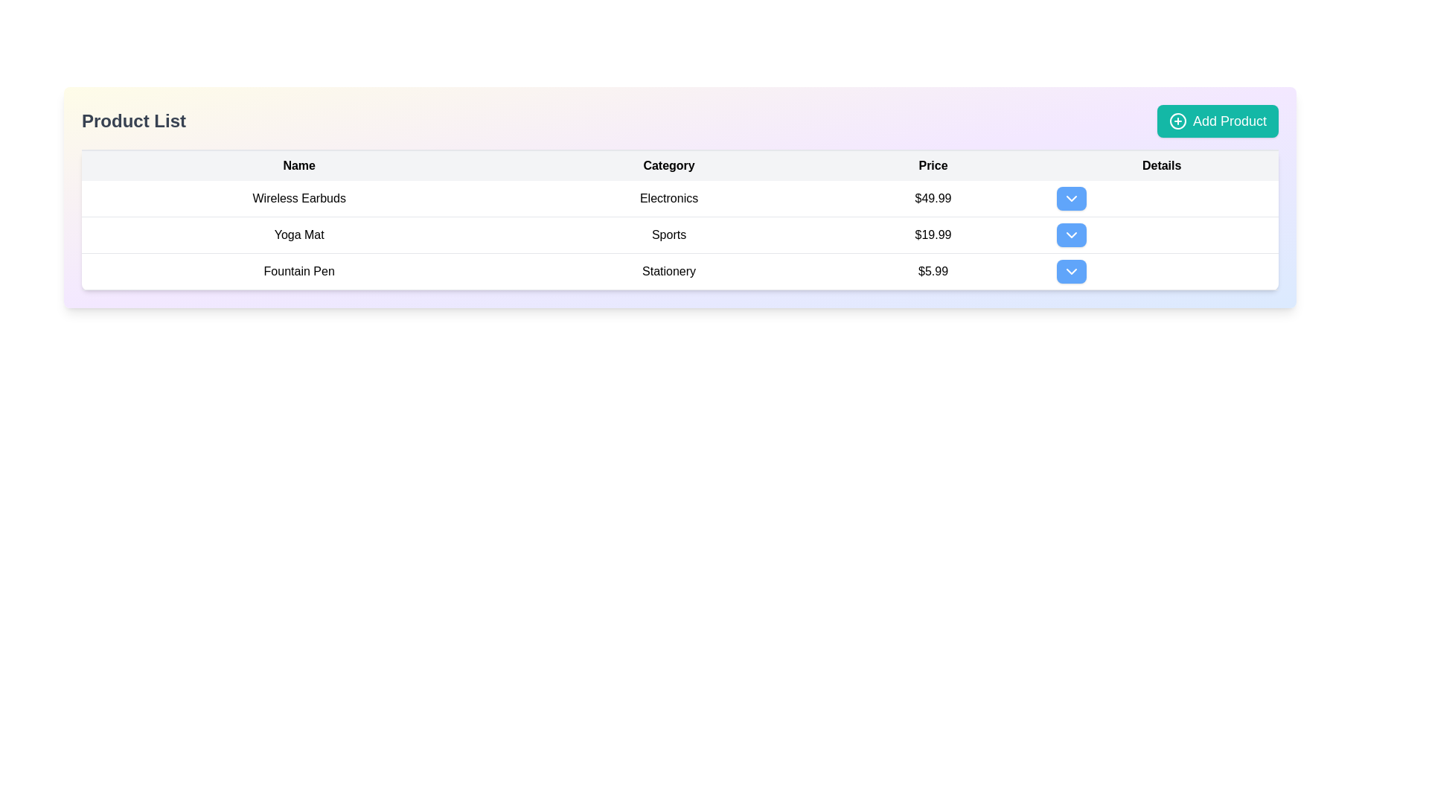 The image size is (1429, 804). I want to click on the chevron-down icon located in the third row of the table under the 'Details' column to indicate interaction, so click(1072, 272).